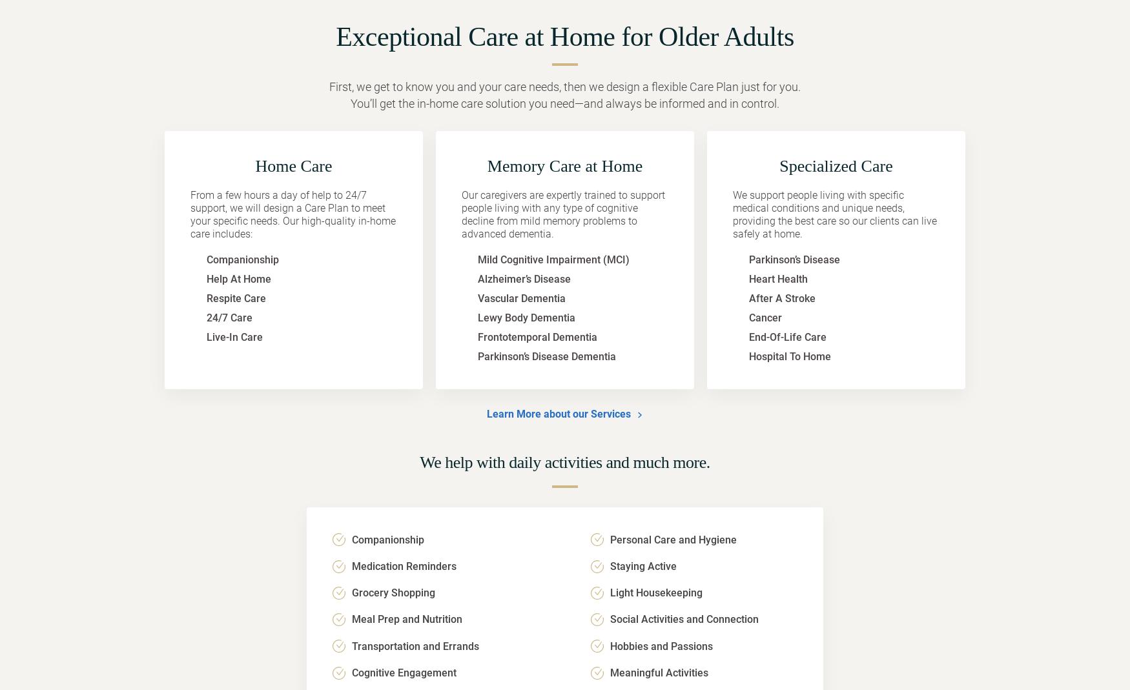 Image resolution: width=1130 pixels, height=690 pixels. What do you see at coordinates (794, 259) in the screenshot?
I see `'Parkinson’s Disease'` at bounding box center [794, 259].